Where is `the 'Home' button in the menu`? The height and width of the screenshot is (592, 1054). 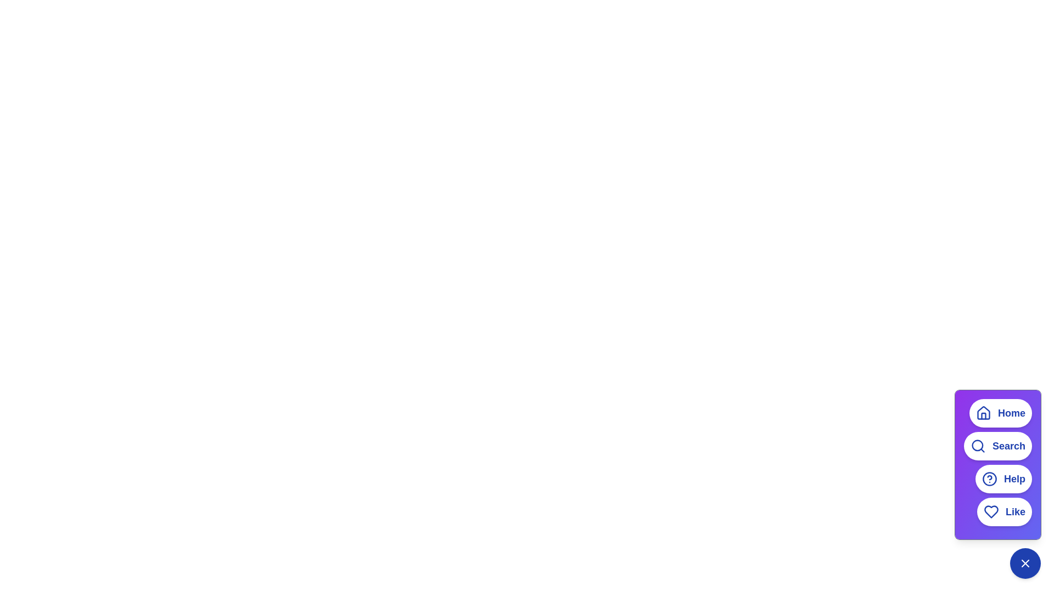
the 'Home' button in the menu is located at coordinates (1001, 413).